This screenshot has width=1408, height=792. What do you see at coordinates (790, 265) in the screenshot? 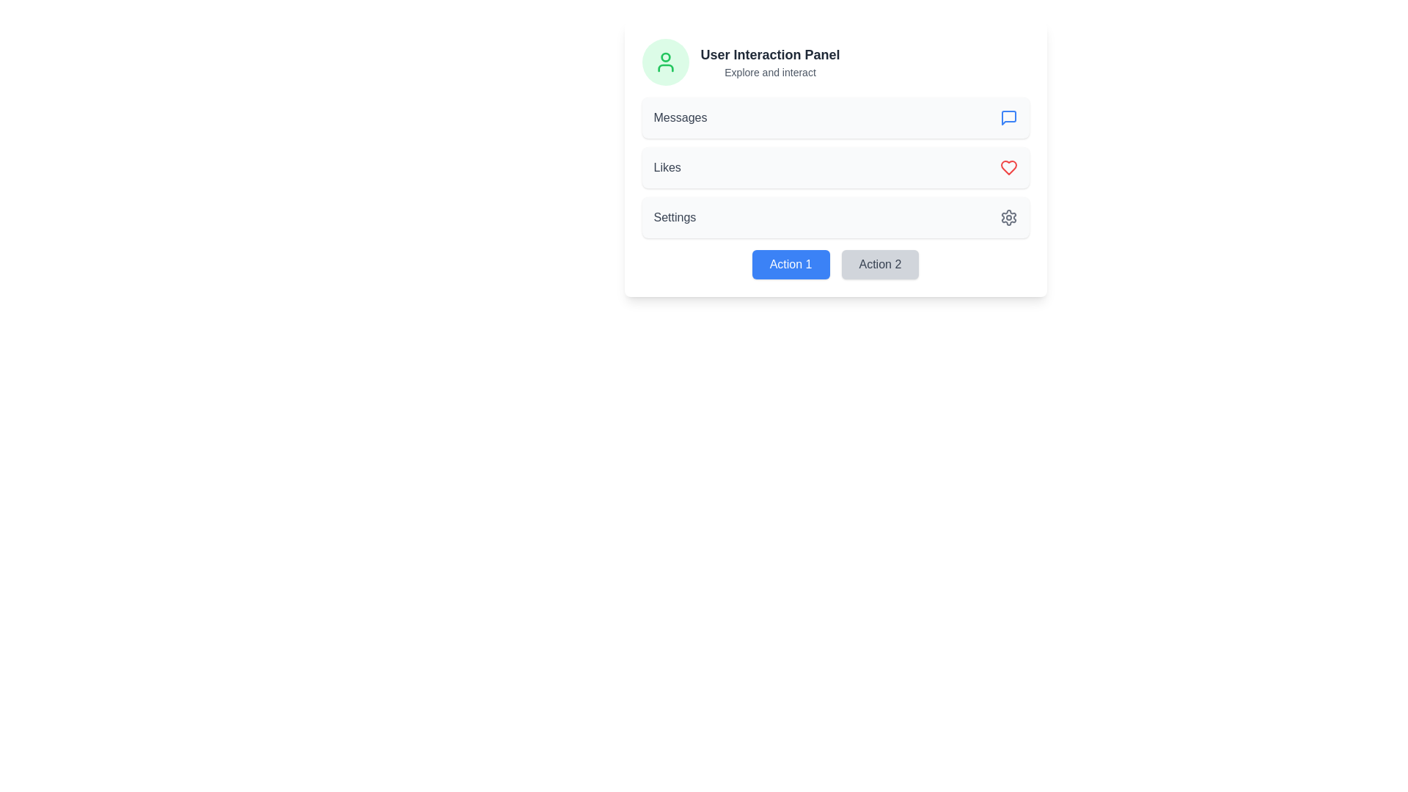
I see `the first blue button labeled 'Action 1'` at bounding box center [790, 265].